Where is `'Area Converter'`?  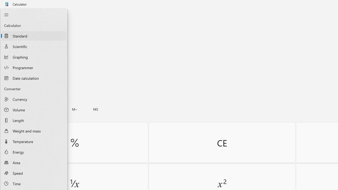 'Area Converter' is located at coordinates (34, 162).